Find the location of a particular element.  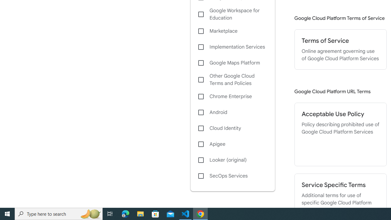

'Looker (original)' is located at coordinates (232, 160).